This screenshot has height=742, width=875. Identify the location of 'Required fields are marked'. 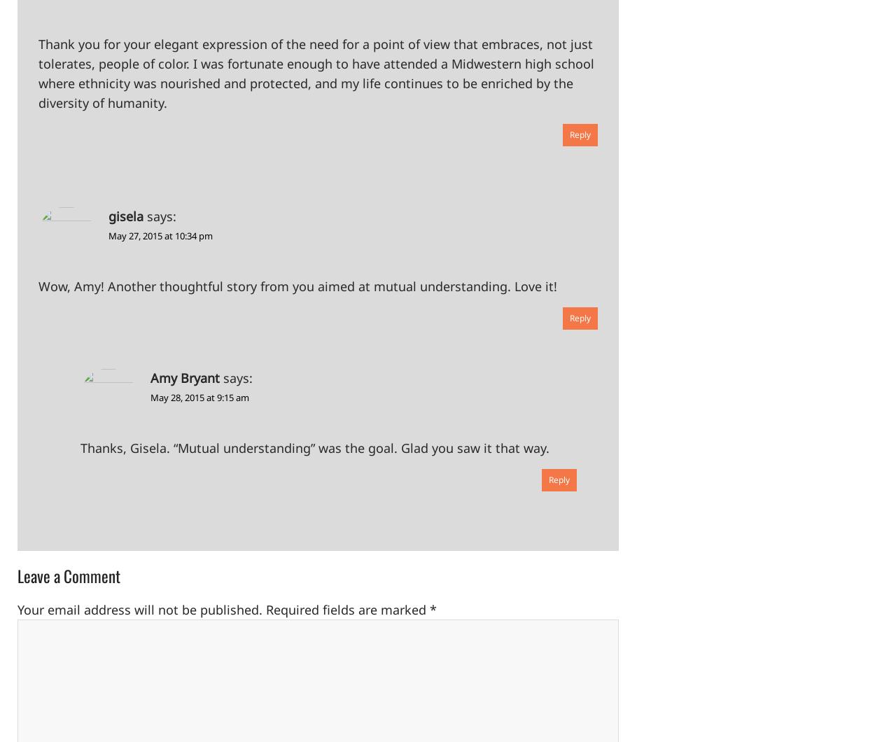
(347, 610).